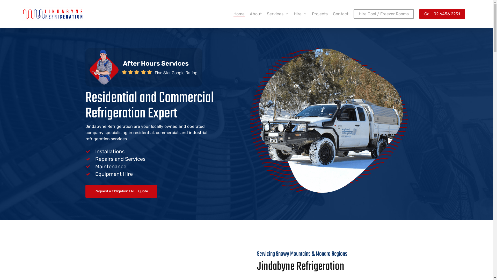  What do you see at coordinates (300, 14) in the screenshot?
I see `'Hire'` at bounding box center [300, 14].